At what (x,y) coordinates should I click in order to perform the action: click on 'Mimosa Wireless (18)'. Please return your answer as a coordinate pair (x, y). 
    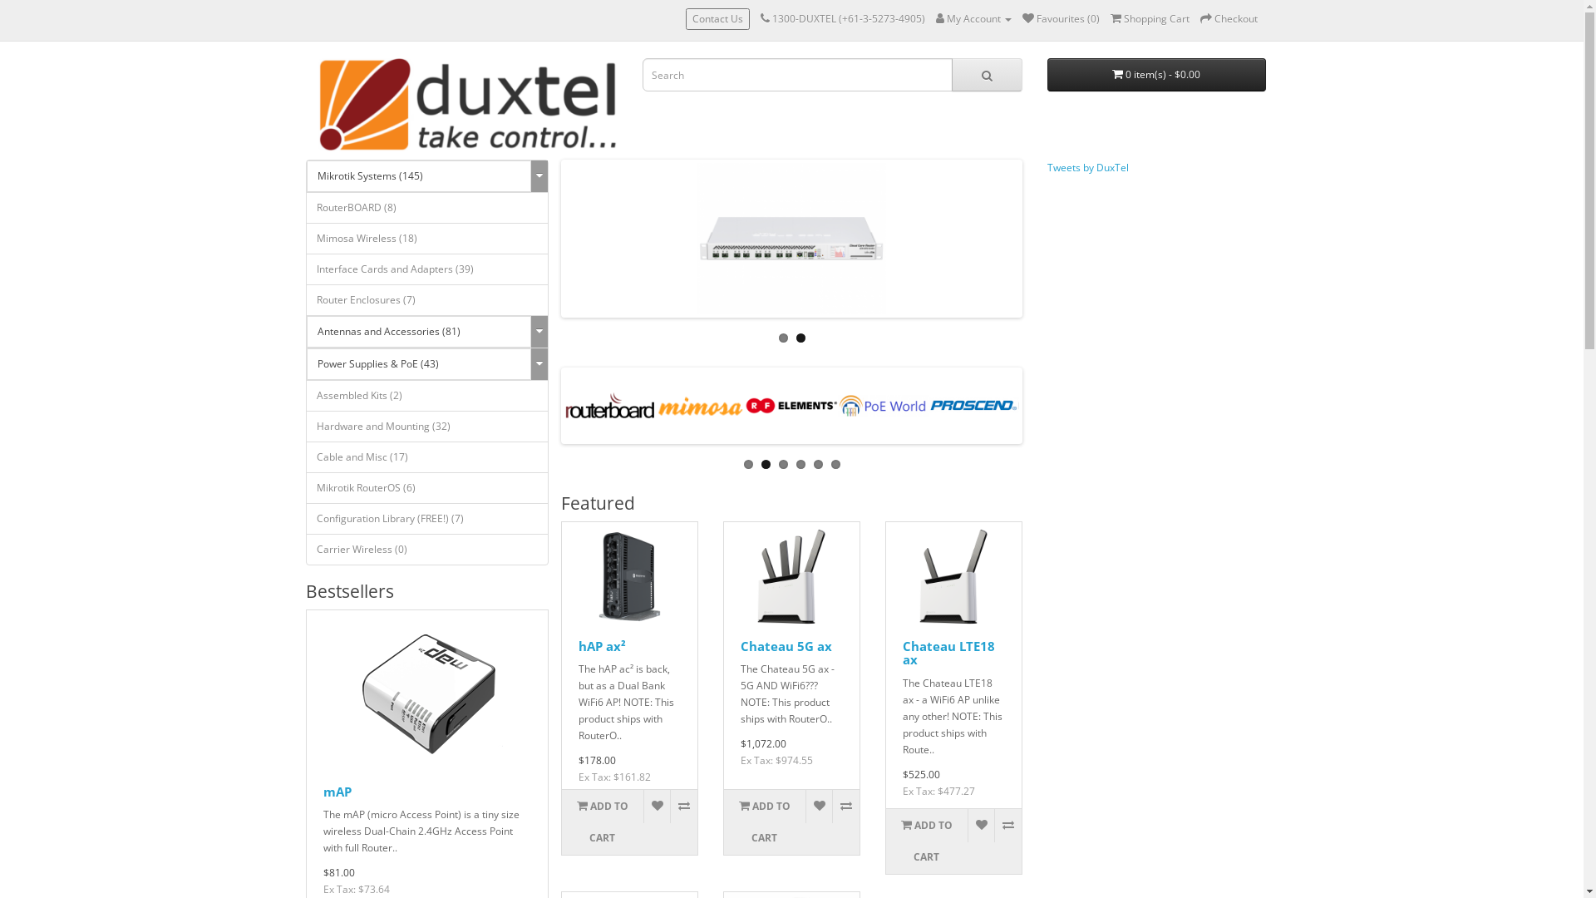
    Looking at the image, I should click on (306, 238).